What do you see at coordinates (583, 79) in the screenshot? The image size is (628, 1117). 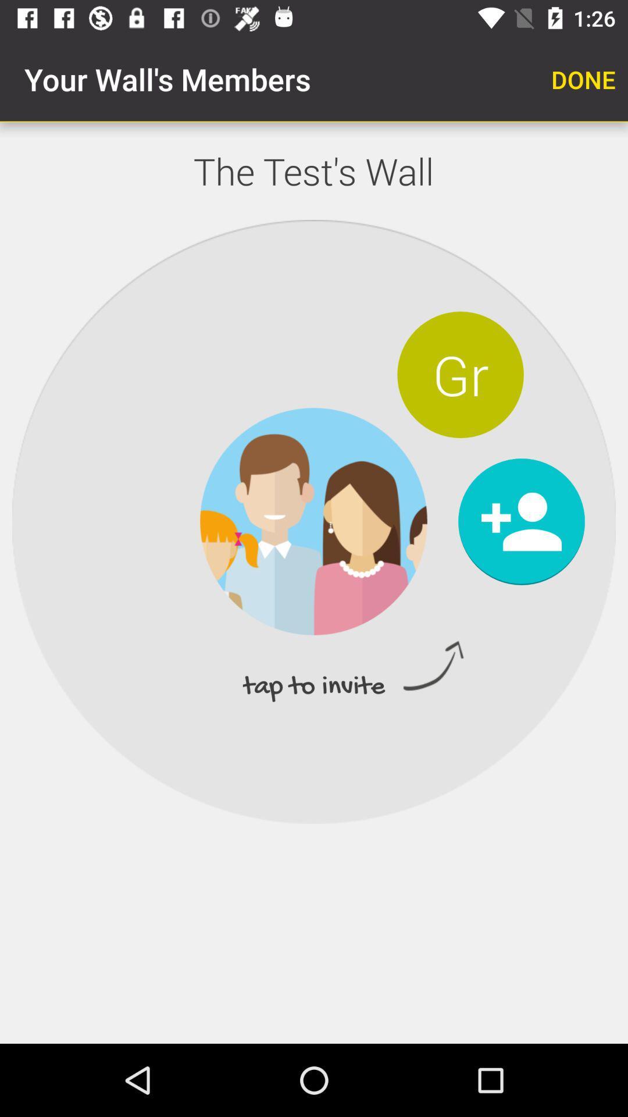 I see `the item at the top right corner` at bounding box center [583, 79].